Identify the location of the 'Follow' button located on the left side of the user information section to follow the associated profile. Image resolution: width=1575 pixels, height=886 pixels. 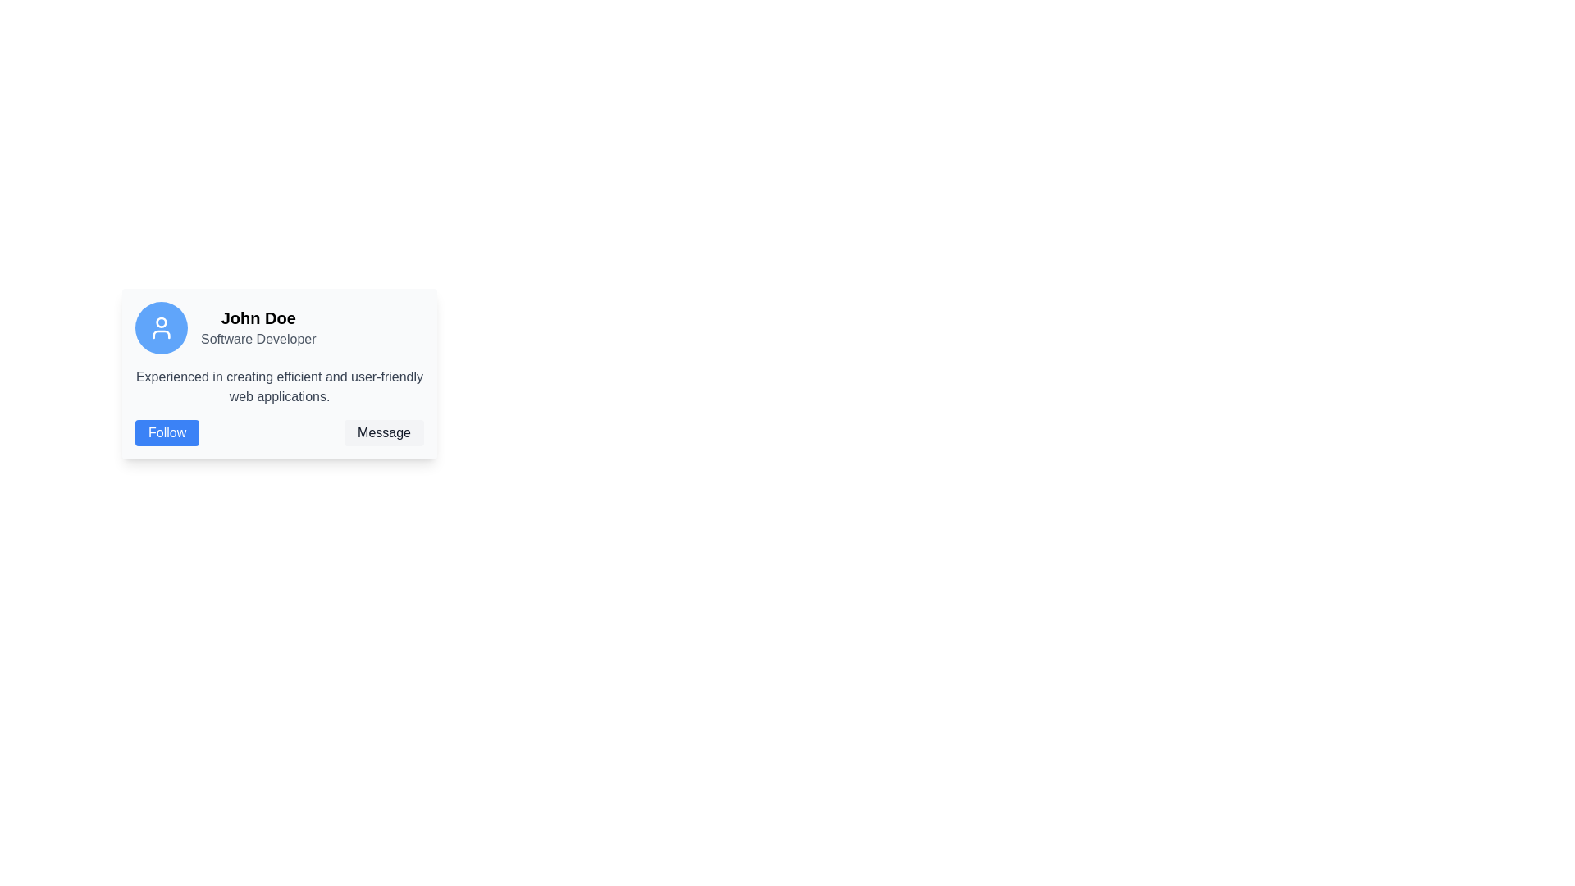
(167, 432).